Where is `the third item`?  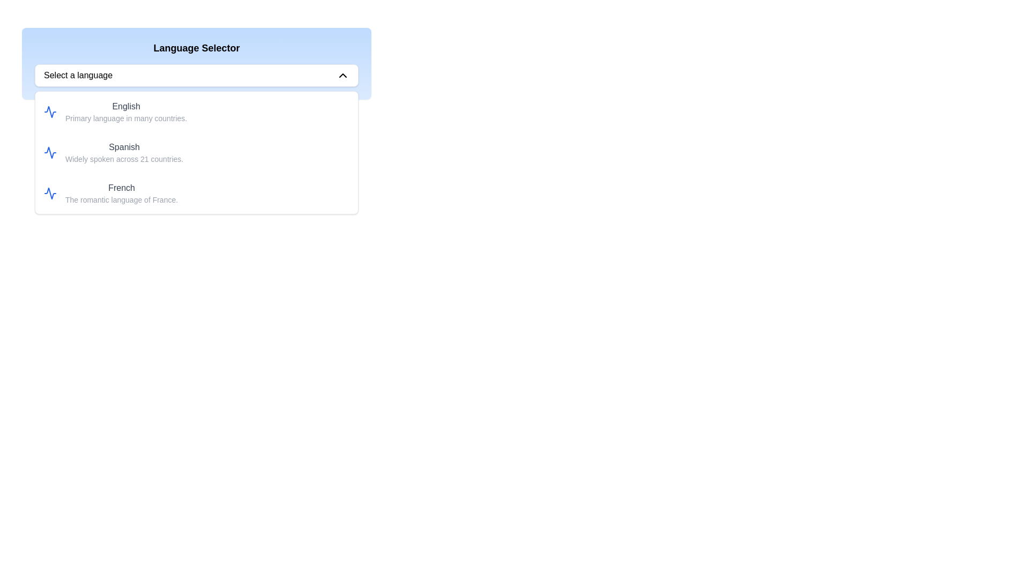 the third item is located at coordinates (122, 194).